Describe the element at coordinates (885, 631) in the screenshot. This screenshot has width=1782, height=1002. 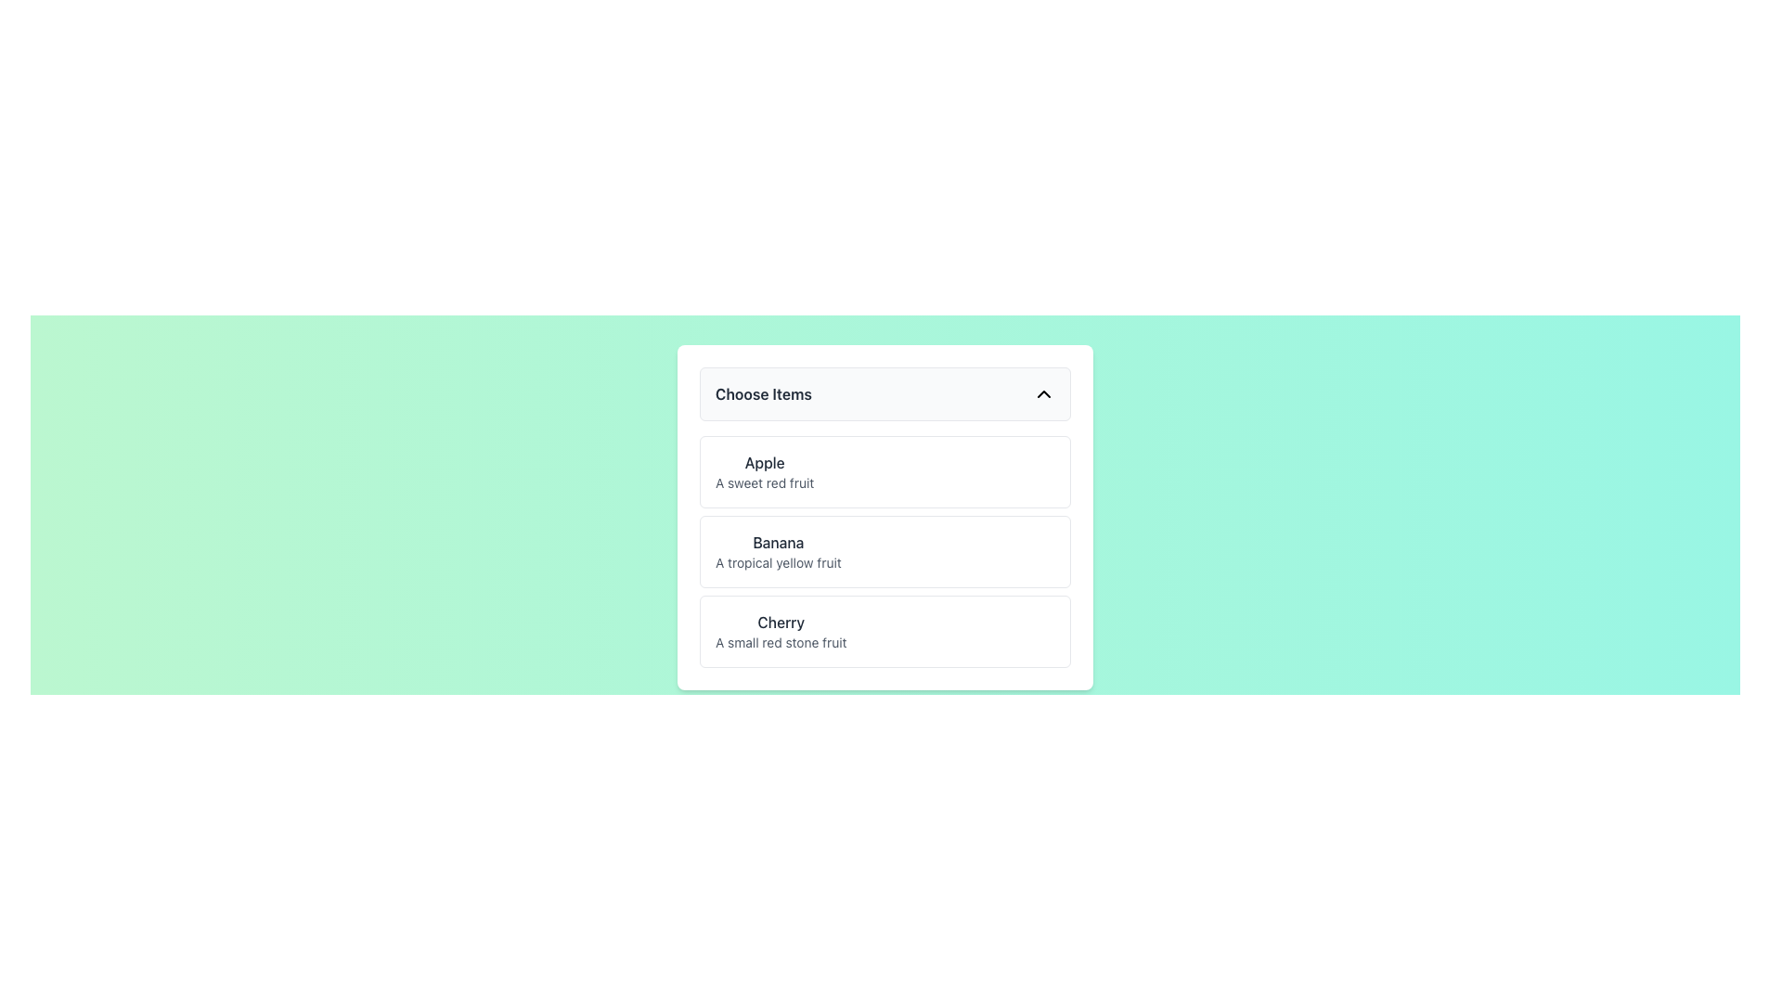
I see `the 'Cherry' option, which is the third entry in the vertically stacked list containing 'Apple' and 'Banana'` at that location.